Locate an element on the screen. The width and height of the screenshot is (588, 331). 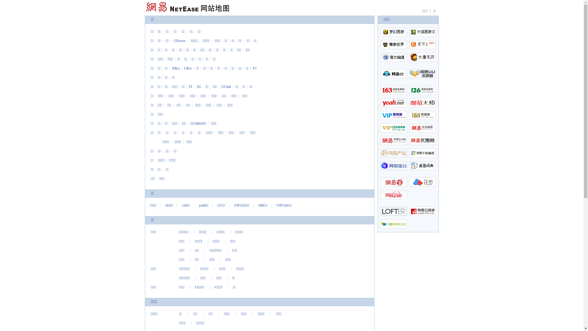
'IT' is located at coordinates (187, 86).